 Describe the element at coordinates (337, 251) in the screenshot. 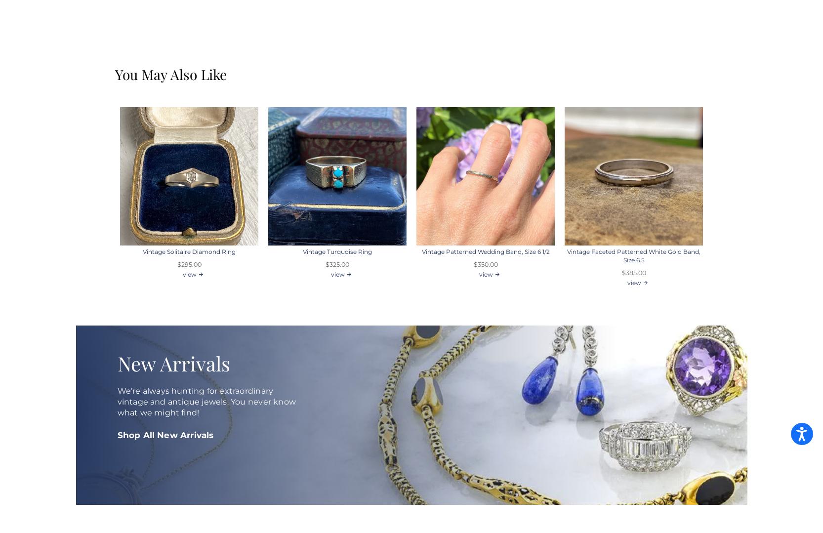

I see `'Vintage Turquoise Ring'` at that location.